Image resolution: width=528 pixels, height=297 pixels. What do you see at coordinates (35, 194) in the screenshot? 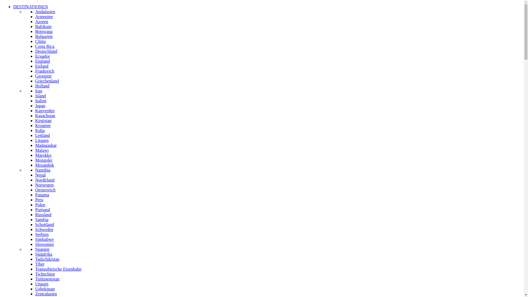
I see `'Panama'` at bounding box center [35, 194].